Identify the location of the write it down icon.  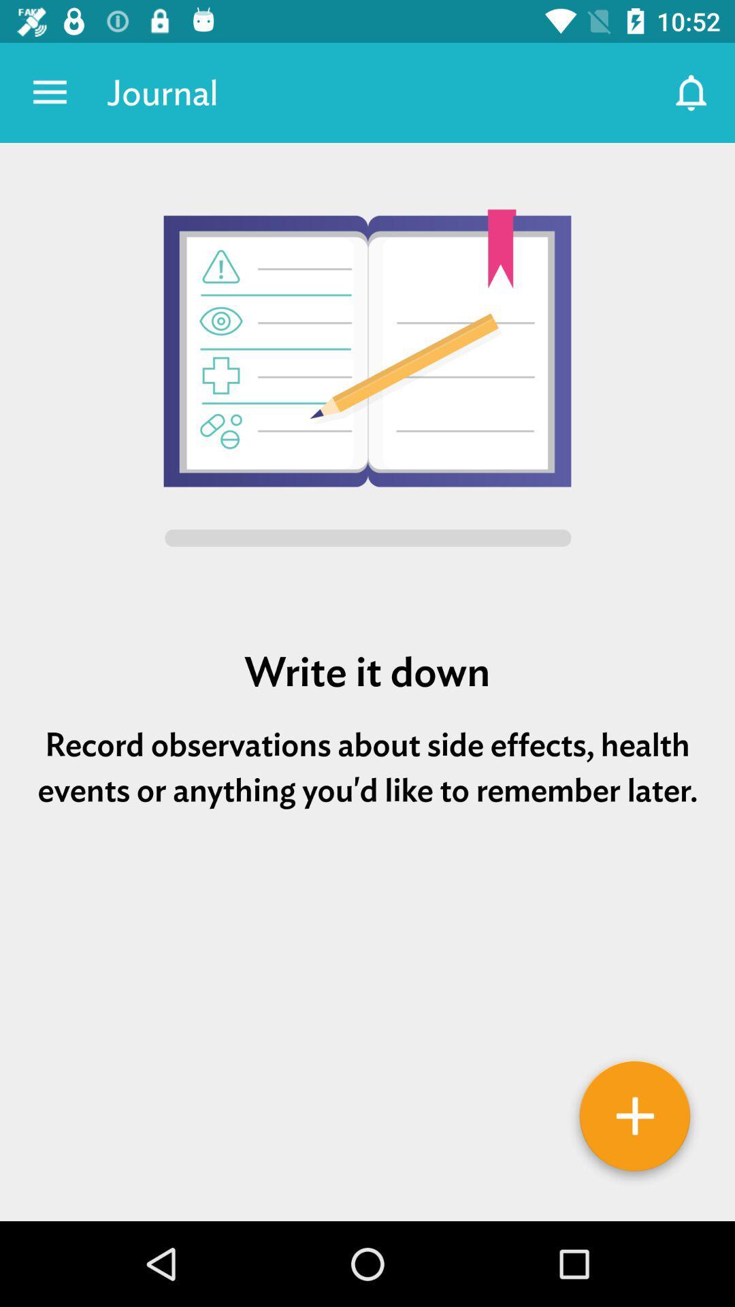
(367, 672).